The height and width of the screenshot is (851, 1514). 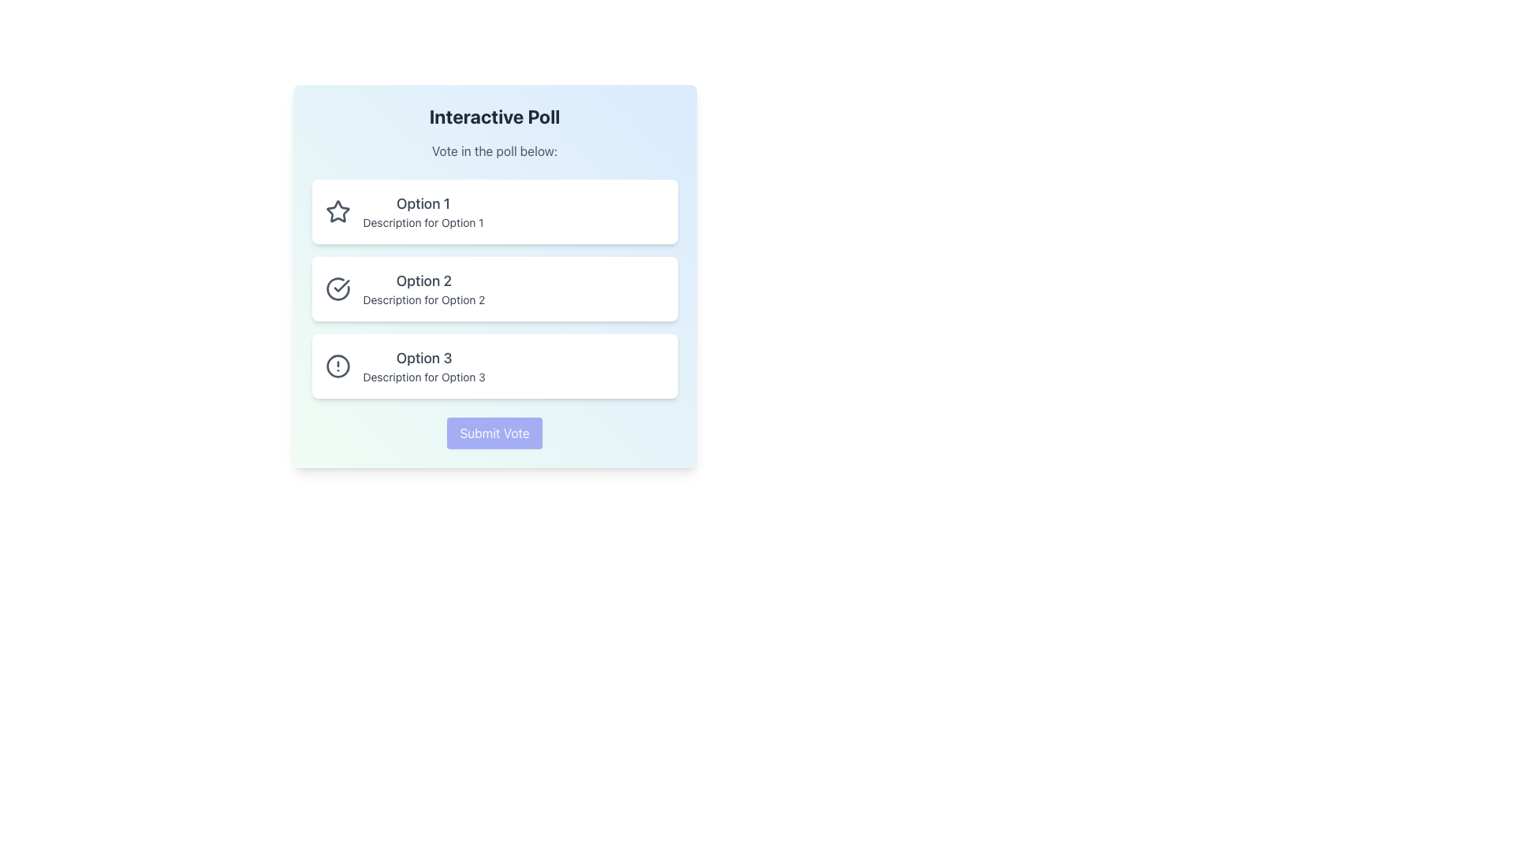 What do you see at coordinates (423, 281) in the screenshot?
I see `the text label that identifies 'Option 2' in the interactive poll, which is center-aligned under the heading 'Interactive Poll'` at bounding box center [423, 281].